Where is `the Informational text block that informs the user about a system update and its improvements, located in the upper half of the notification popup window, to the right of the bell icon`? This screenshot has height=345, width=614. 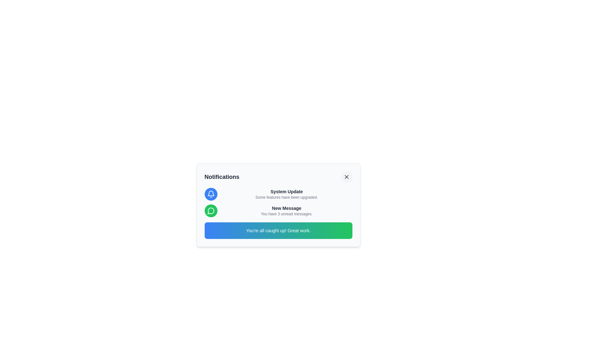
the Informational text block that informs the user about a system update and its improvements, located in the upper half of the notification popup window, to the right of the bell icon is located at coordinates (286, 194).